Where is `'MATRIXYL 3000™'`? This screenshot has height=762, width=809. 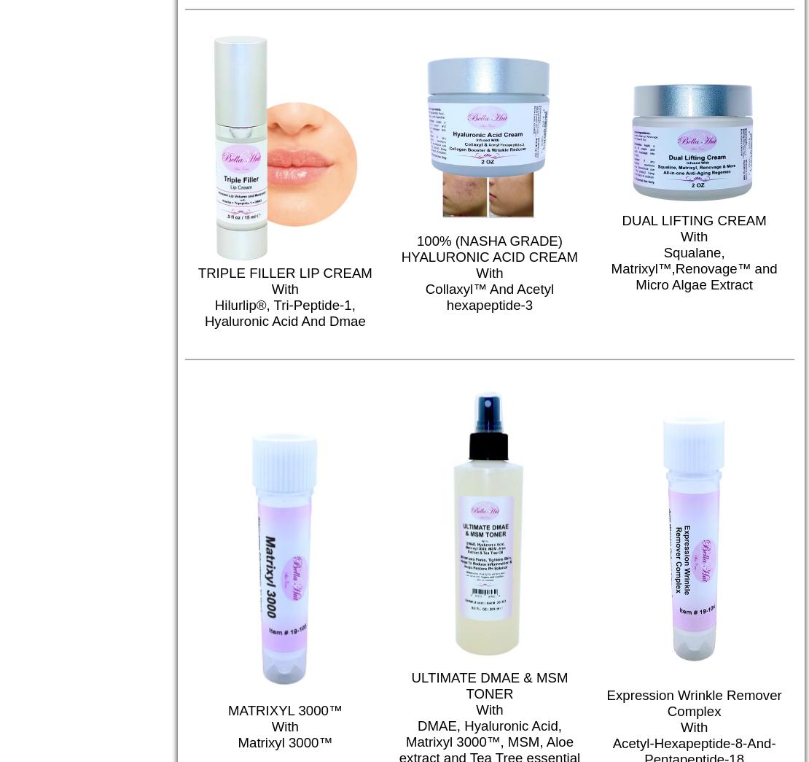
'MATRIXYL 3000™' is located at coordinates (284, 709).